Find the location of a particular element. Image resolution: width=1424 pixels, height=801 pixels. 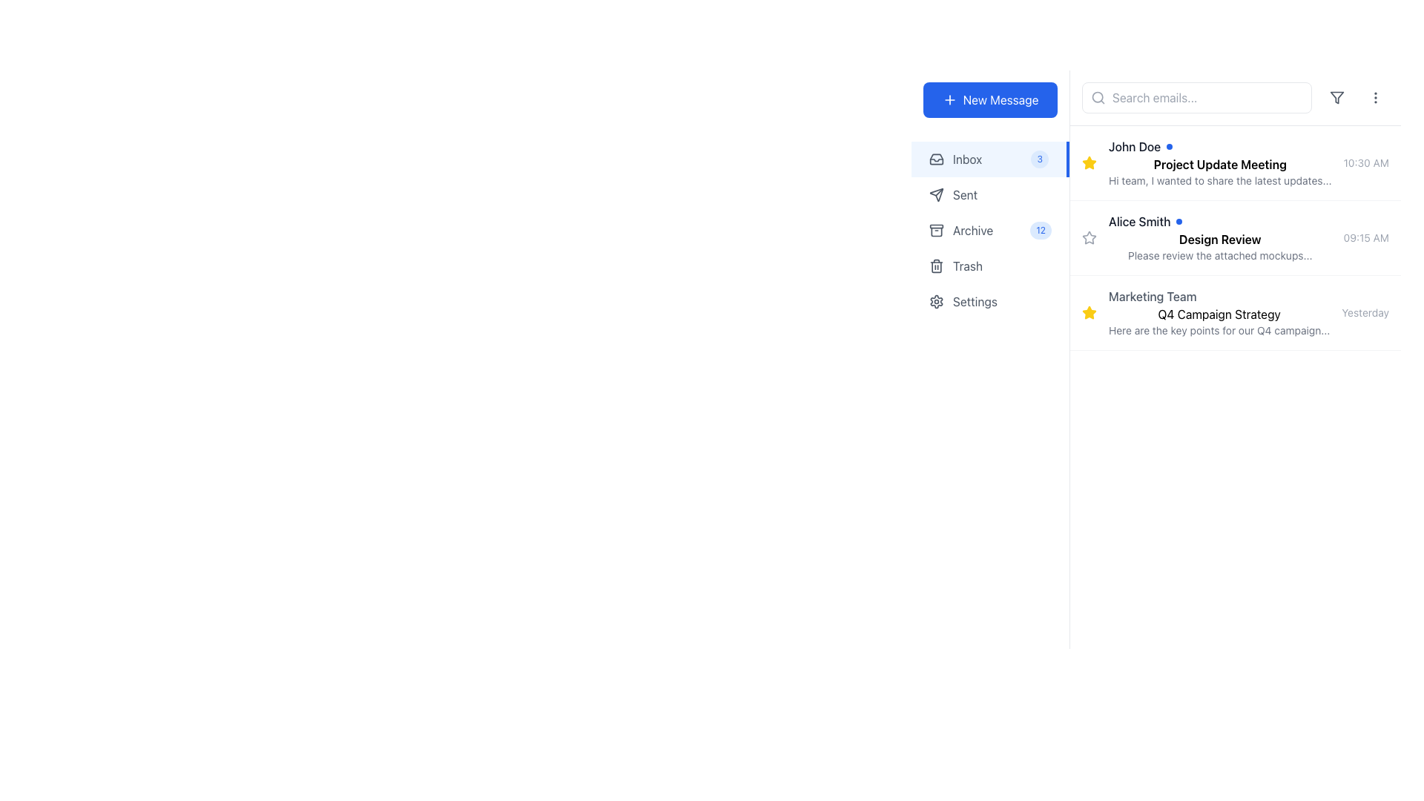

the Email preview section displaying 'Alice Smith' and 'Design Review' is located at coordinates (1220, 237).